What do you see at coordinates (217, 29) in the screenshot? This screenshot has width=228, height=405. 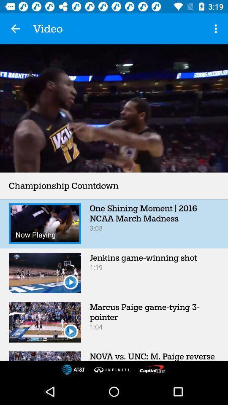 I see `icon to the right of the video icon` at bounding box center [217, 29].